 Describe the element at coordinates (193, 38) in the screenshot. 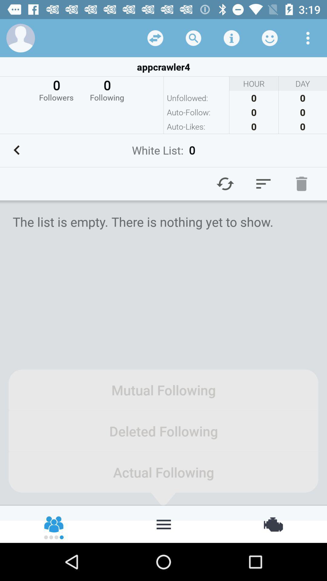

I see `search option` at that location.